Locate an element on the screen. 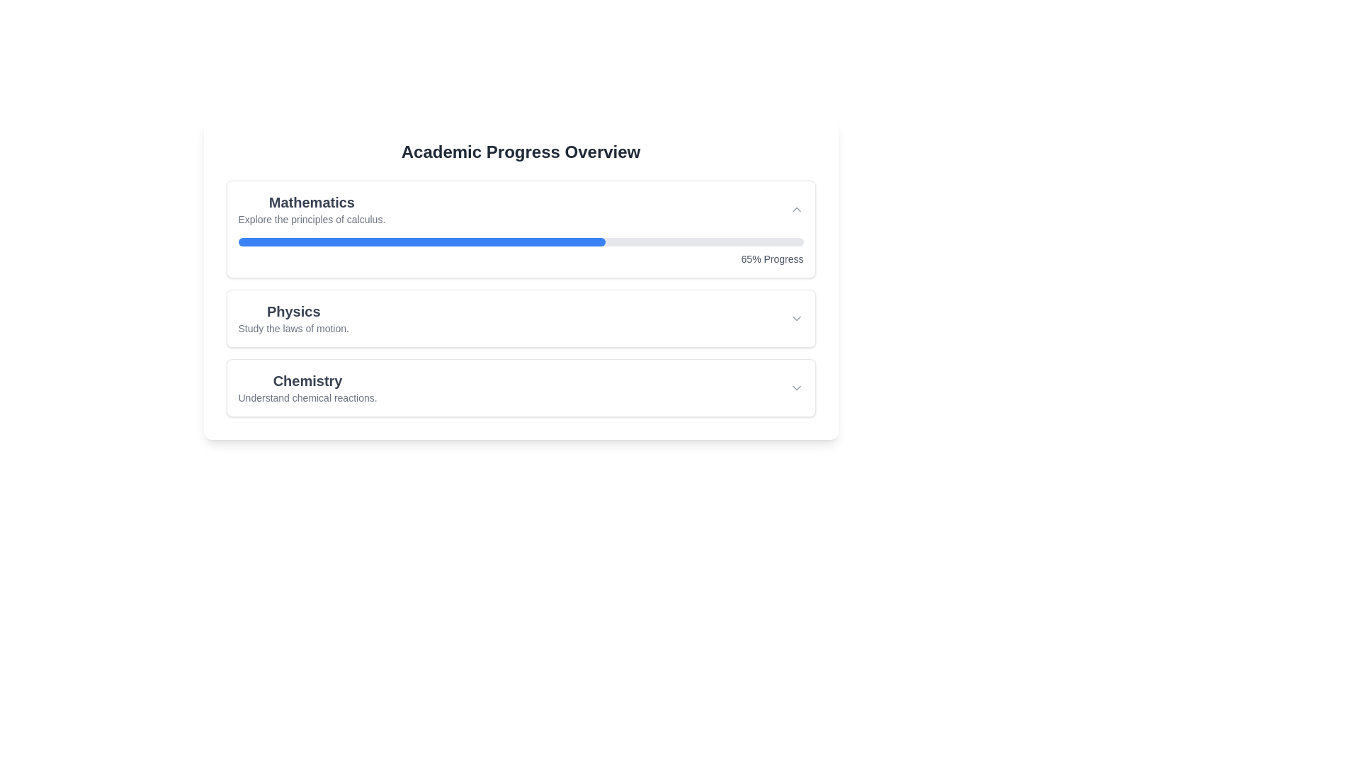 The width and height of the screenshot is (1360, 765). the interactive progress bar that is light gray with a blue fill at approximately 65% width, located below the '65% Progress' label is located at coordinates (520, 242).